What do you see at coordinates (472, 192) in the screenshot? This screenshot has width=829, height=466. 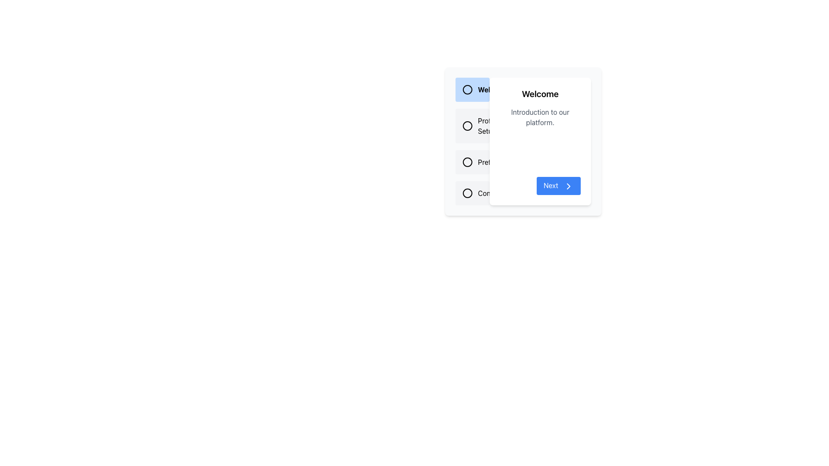 I see `the fourth option item in the vertically stacked list` at bounding box center [472, 192].